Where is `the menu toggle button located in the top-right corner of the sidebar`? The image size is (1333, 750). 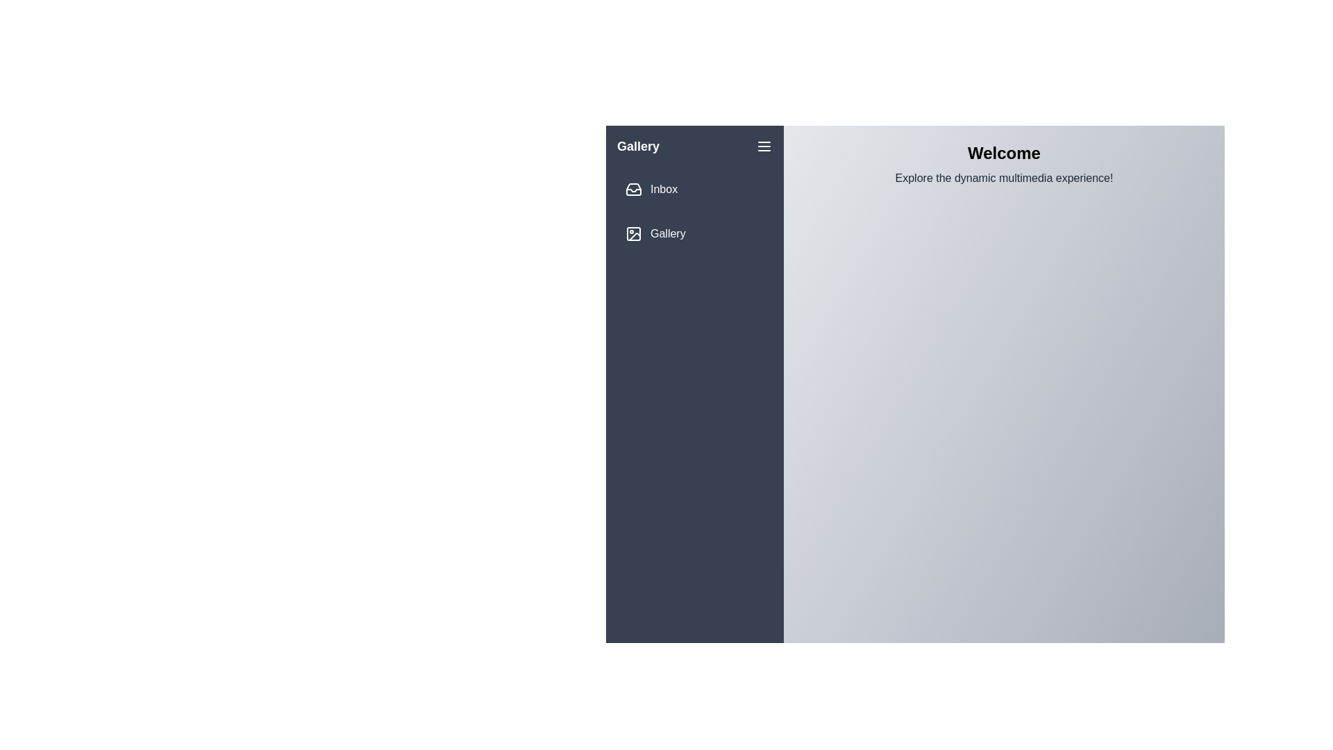
the menu toggle button located in the top-right corner of the sidebar is located at coordinates (763, 147).